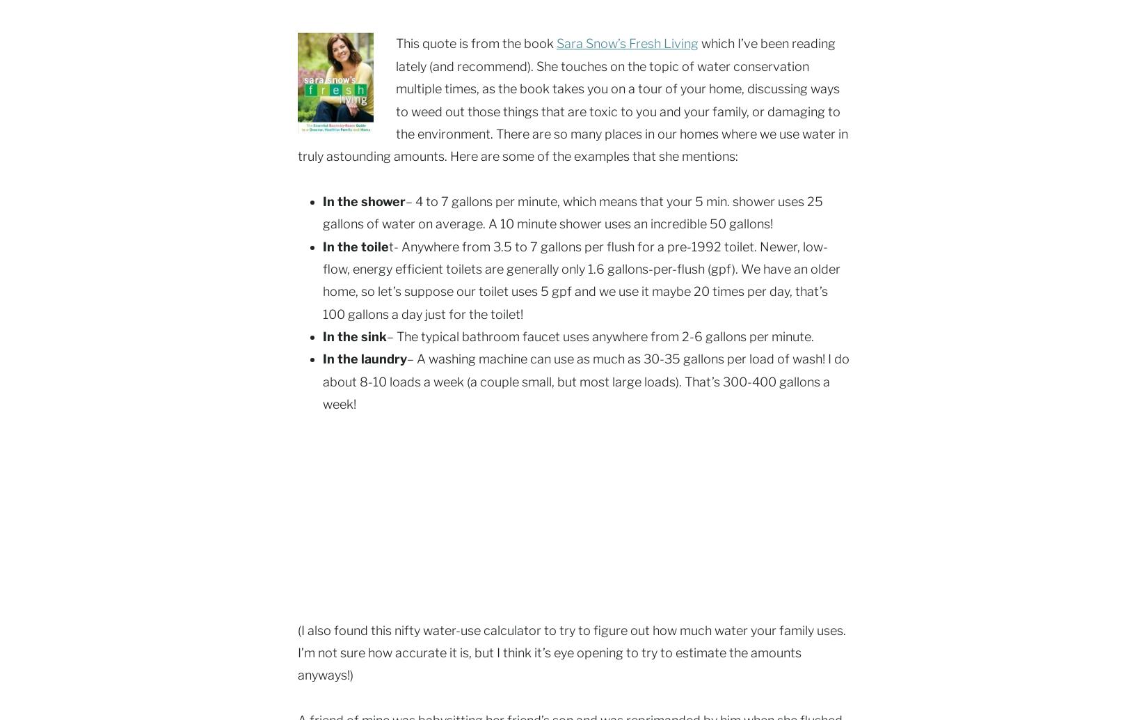 The height and width of the screenshot is (720, 1148). What do you see at coordinates (582, 279) in the screenshot?
I see `'t- Anywhere from 3.5 to 7 gallons per flush for a pre-1992 toilet. Newer, low-flow, energy efficient toilets are generally only 1.6 gallons-per-flush (gpf). We have an older home, so let’s suppose our toilet uses 5 gpf and we use it maybe 20 times per day, that’s 100 gallons a day just for the toilet!'` at bounding box center [582, 279].